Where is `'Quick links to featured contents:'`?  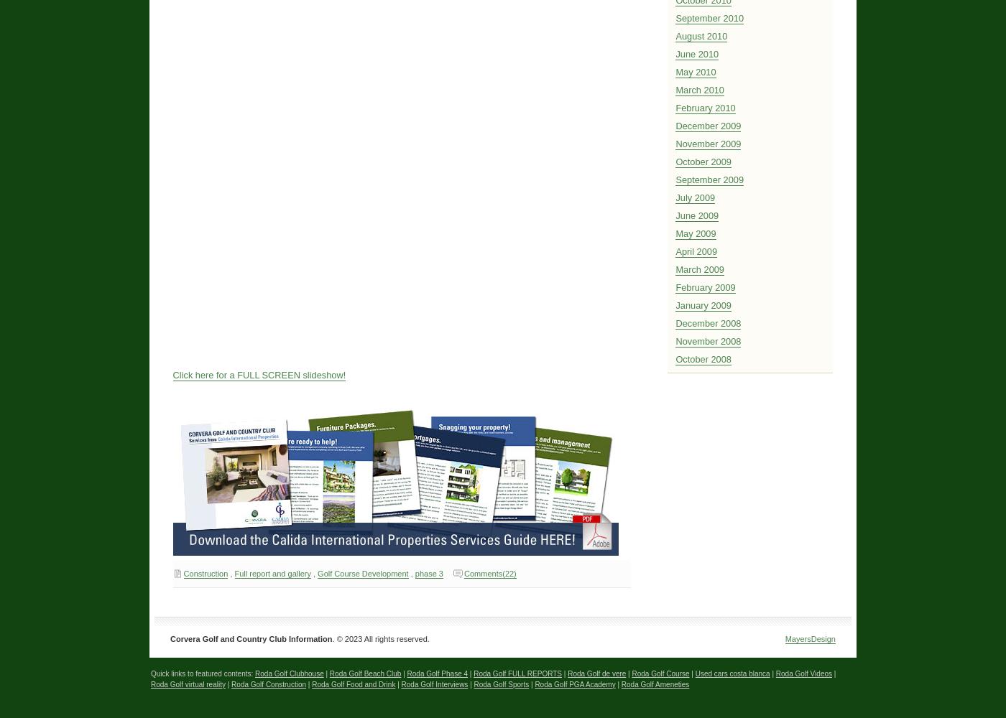 'Quick links to featured contents:' is located at coordinates (203, 673).